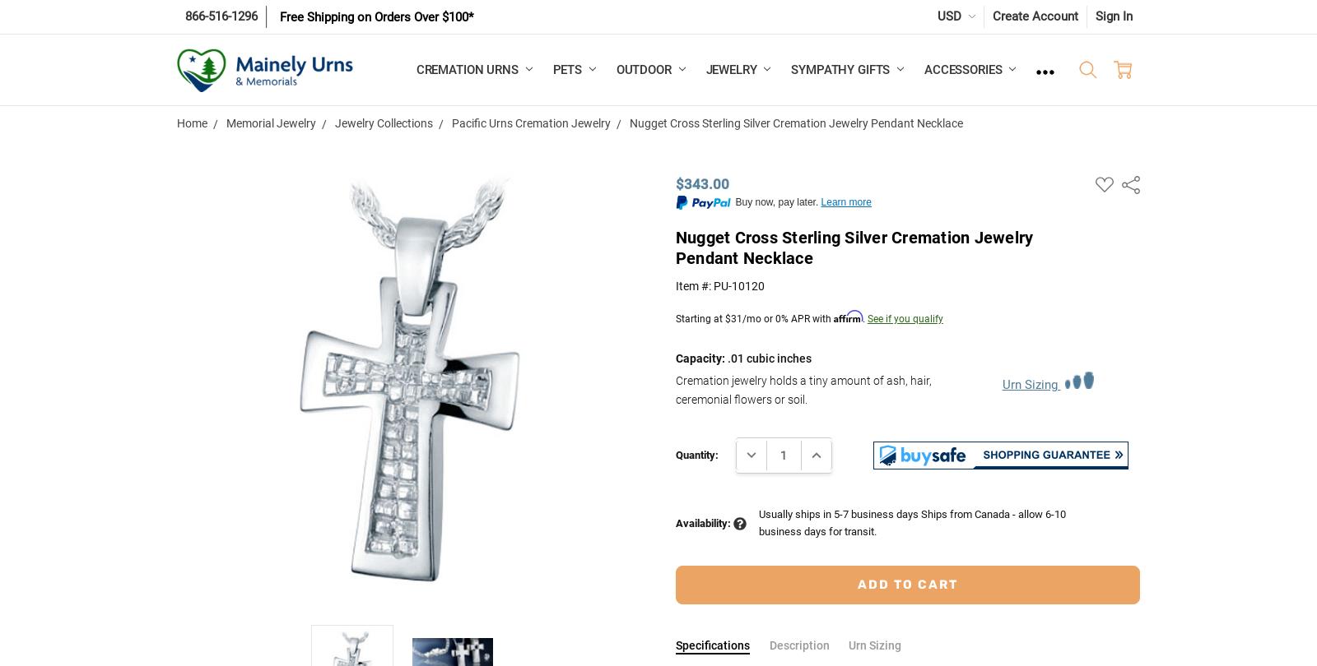 Image resolution: width=1317 pixels, height=666 pixels. Describe the element at coordinates (221, 16) in the screenshot. I see `'866-516-1296'` at that location.